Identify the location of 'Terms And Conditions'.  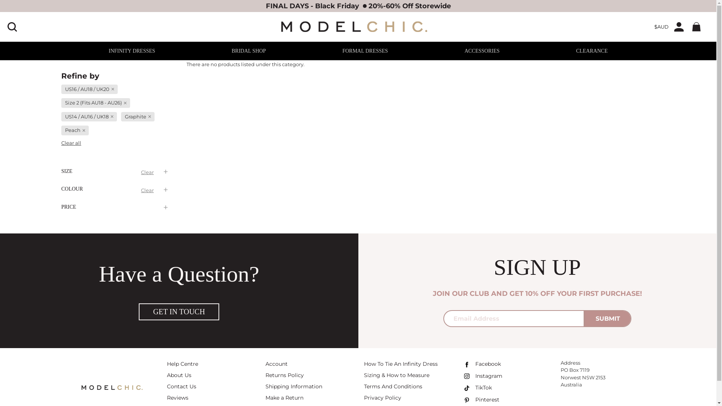
(393, 387).